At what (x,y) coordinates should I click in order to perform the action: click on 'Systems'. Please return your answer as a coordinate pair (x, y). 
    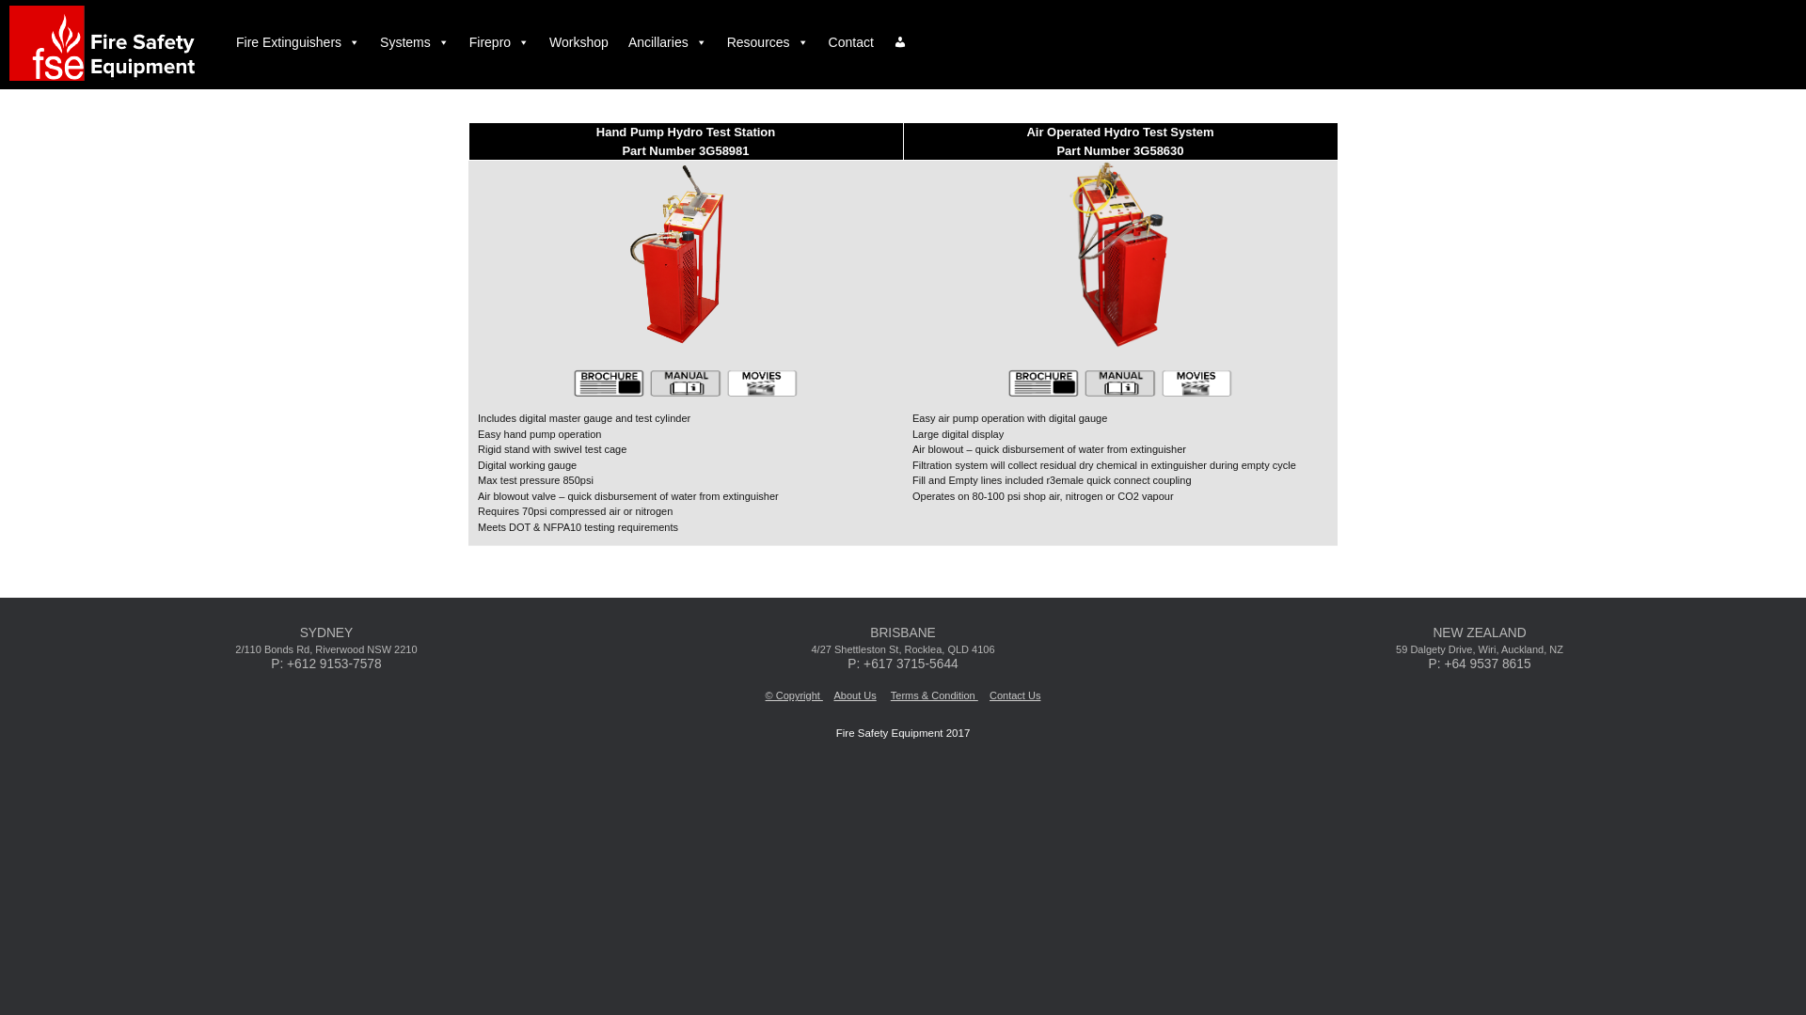
    Looking at the image, I should click on (370, 42).